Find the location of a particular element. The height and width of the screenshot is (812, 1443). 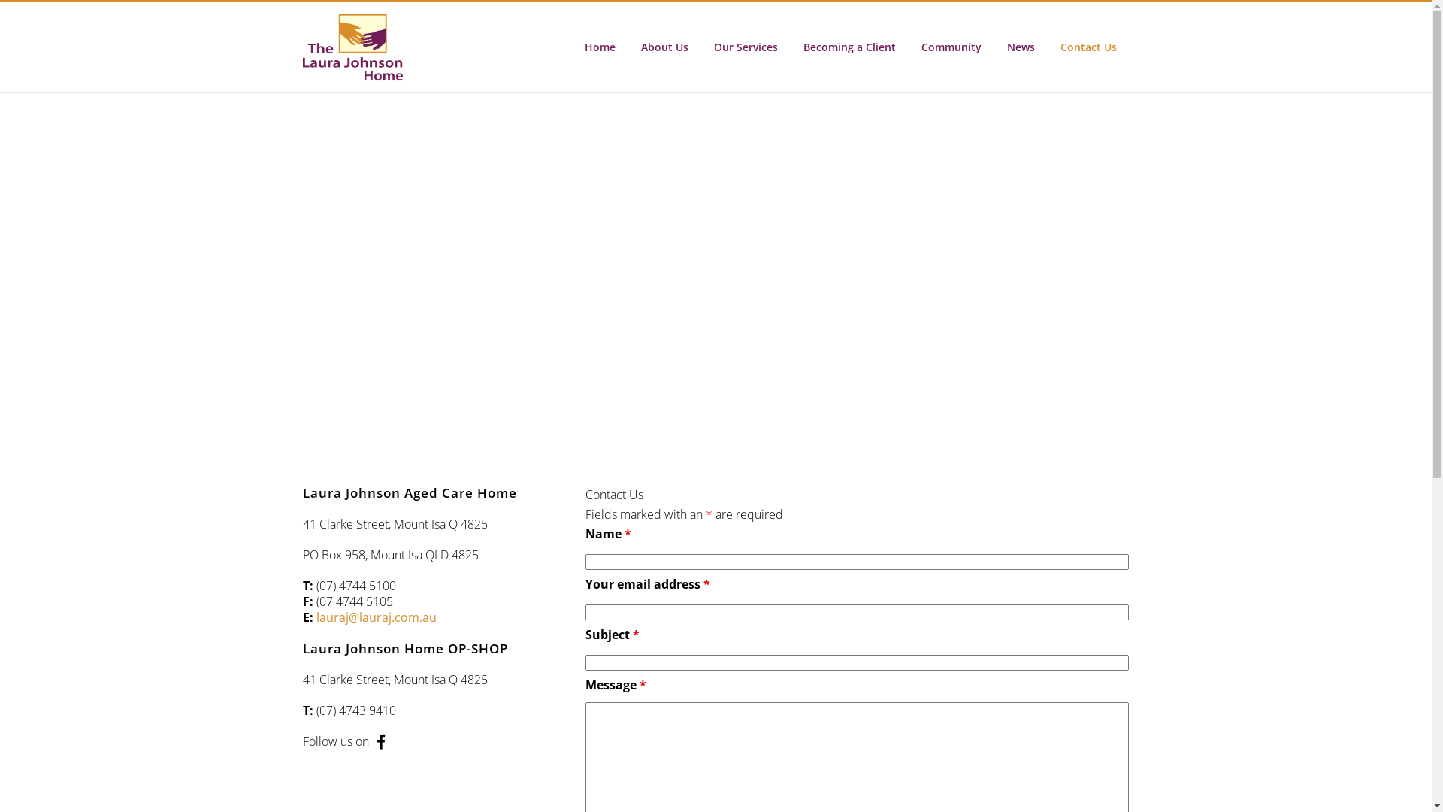

'lauraj@lauraj.com.au' is located at coordinates (375, 617).